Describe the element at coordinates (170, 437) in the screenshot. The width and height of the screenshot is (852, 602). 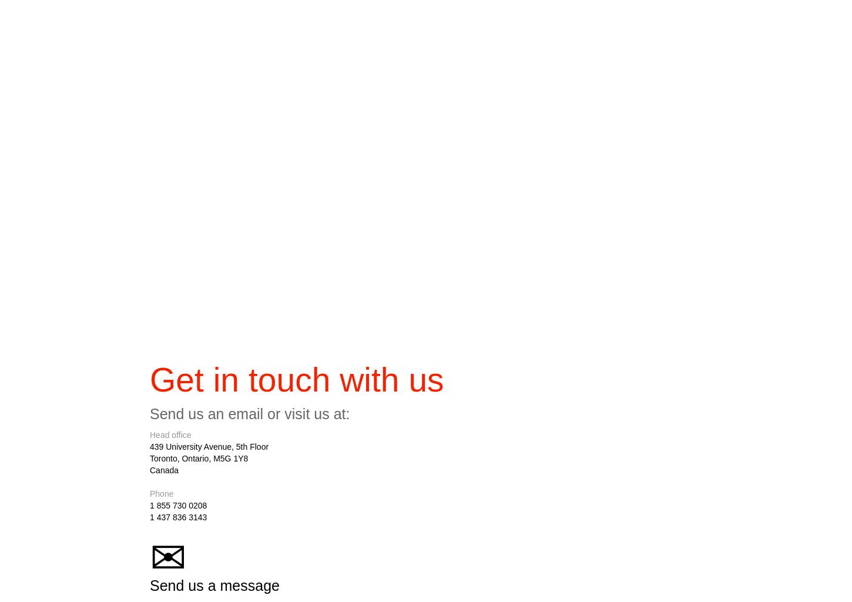
I see `'Head office'` at that location.